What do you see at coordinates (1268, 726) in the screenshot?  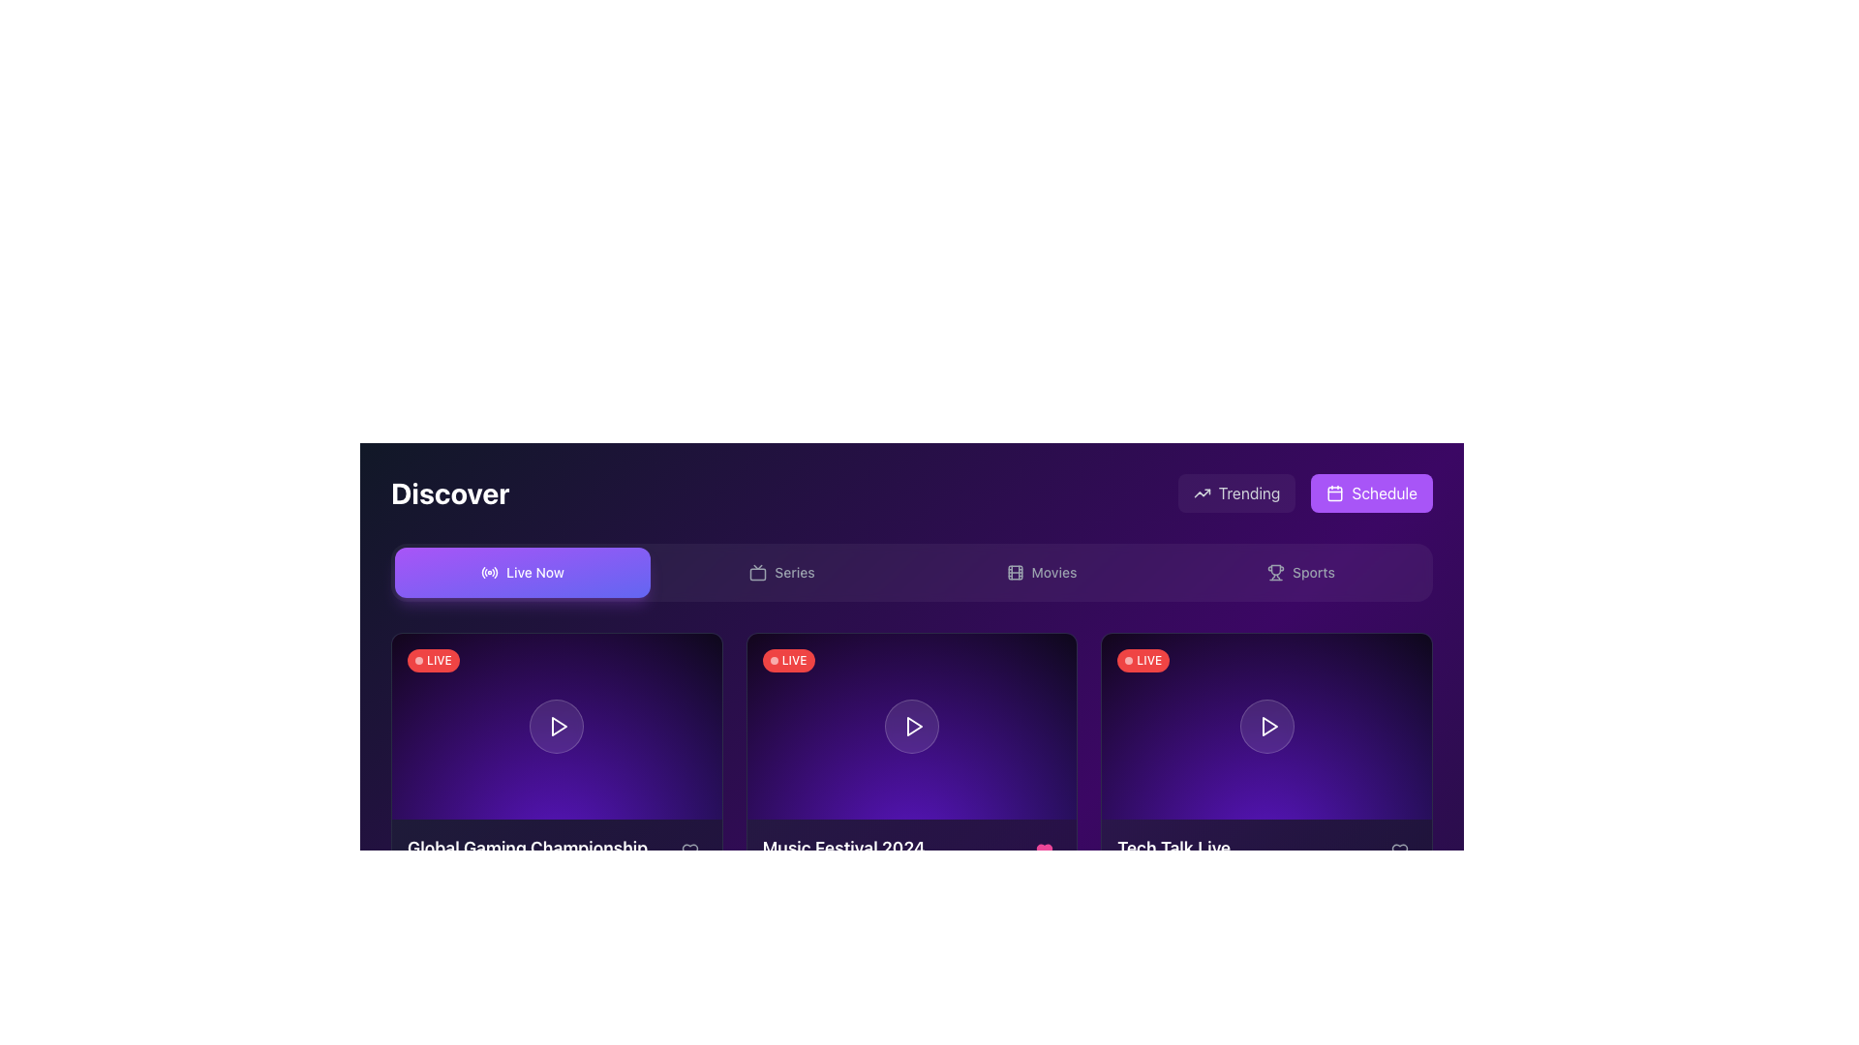 I see `the play button located in the rightmost position of three similar buttons in the second row below the header` at bounding box center [1268, 726].